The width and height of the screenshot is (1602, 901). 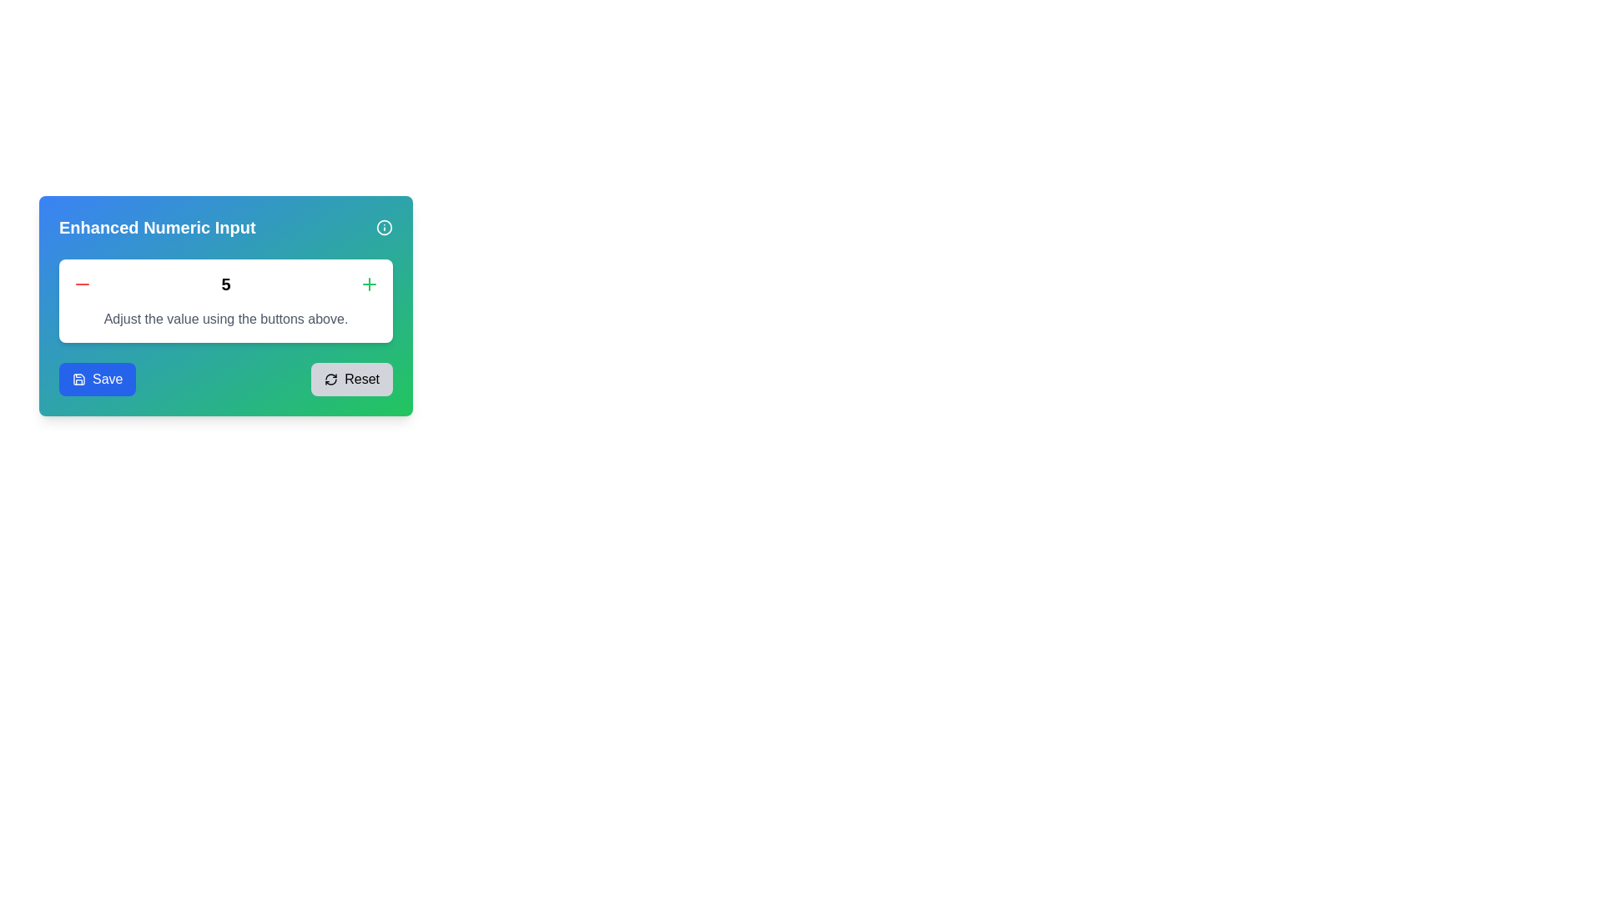 I want to click on the floppy disk icon located on the left side of the 'Save' button at the bottom-left of the enhanced numeric input card to indicate the button's meaning, so click(x=78, y=380).